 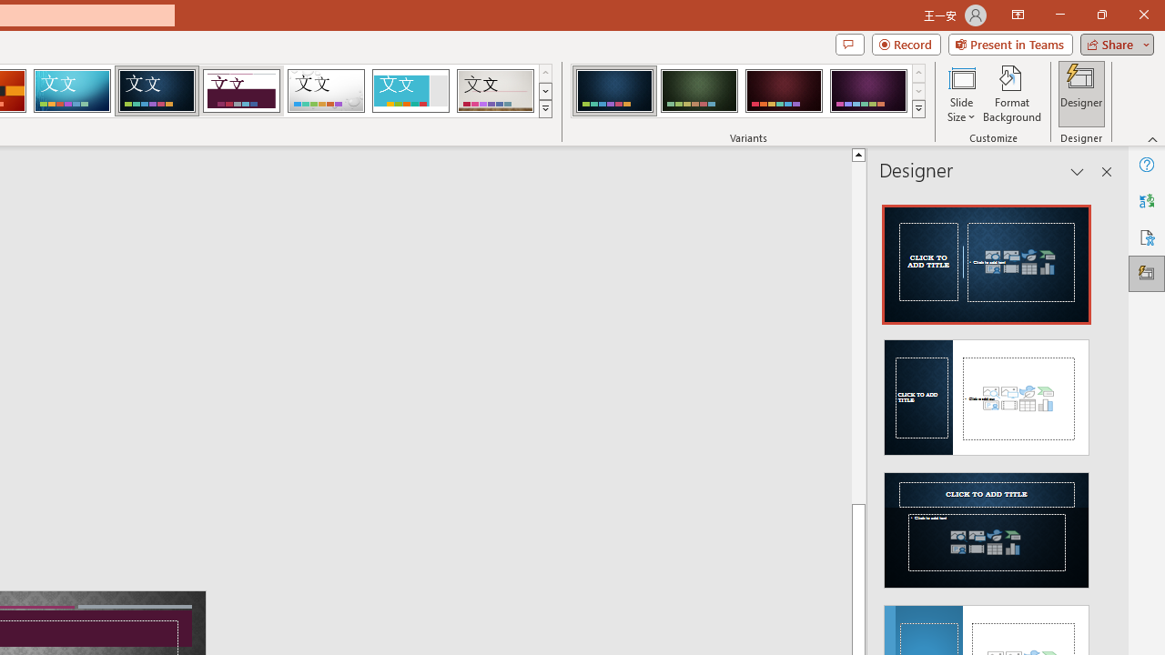 What do you see at coordinates (1112, 43) in the screenshot?
I see `'Share'` at bounding box center [1112, 43].